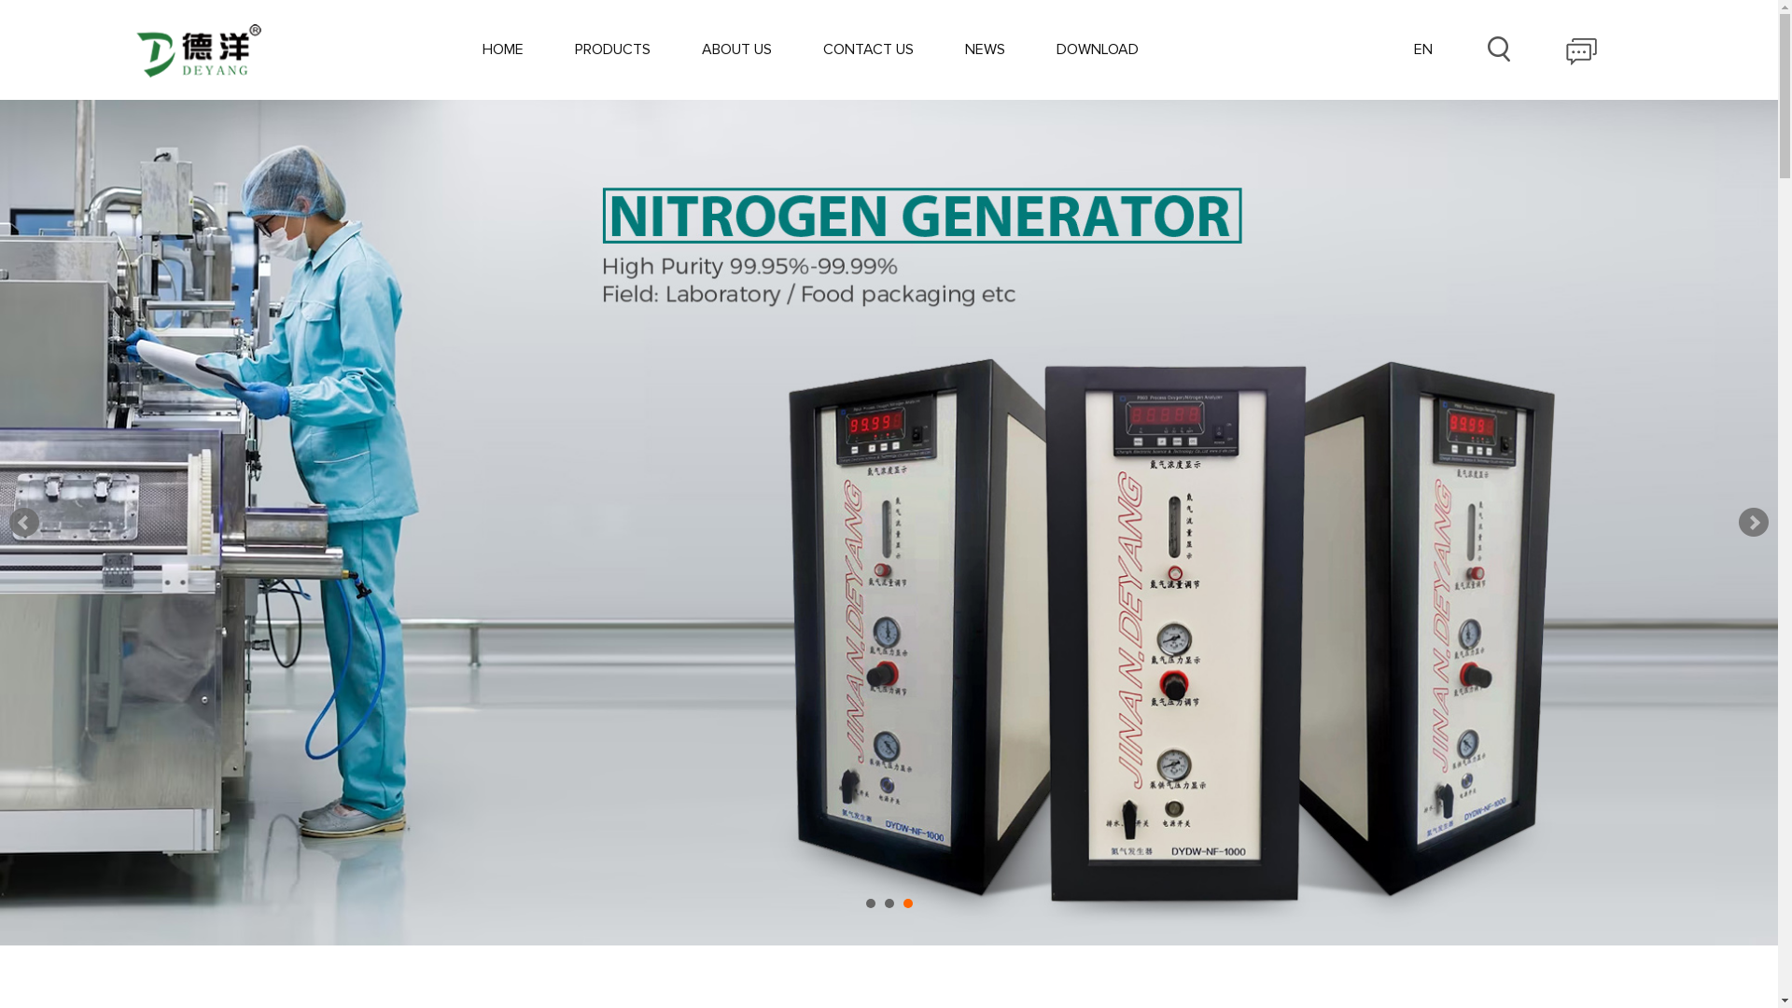  What do you see at coordinates (23, 522) in the screenshot?
I see `'Prev'` at bounding box center [23, 522].